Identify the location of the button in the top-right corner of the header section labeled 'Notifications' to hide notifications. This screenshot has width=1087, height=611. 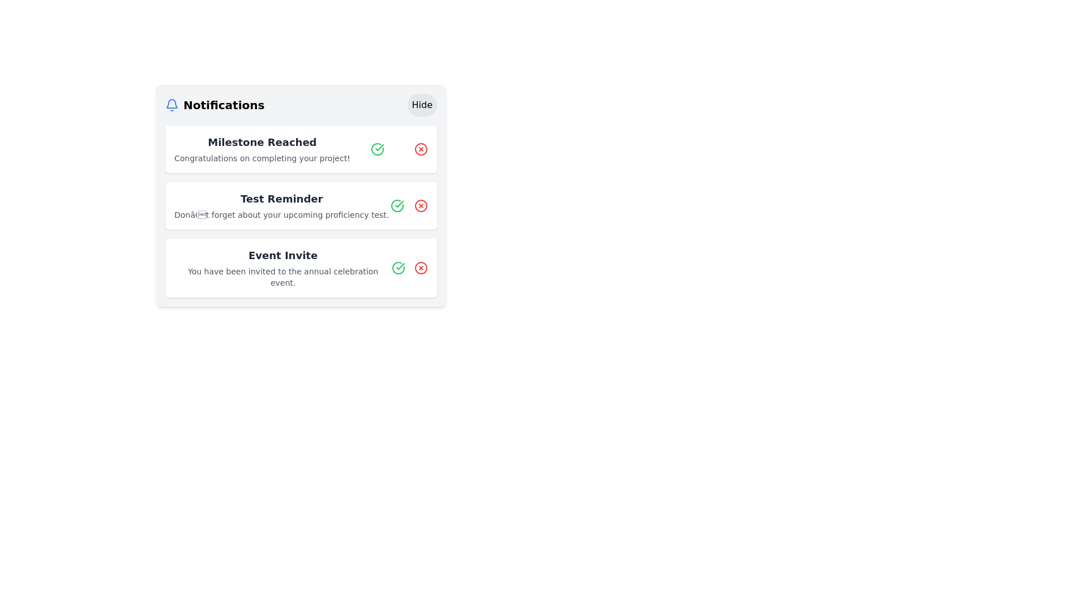
(421, 105).